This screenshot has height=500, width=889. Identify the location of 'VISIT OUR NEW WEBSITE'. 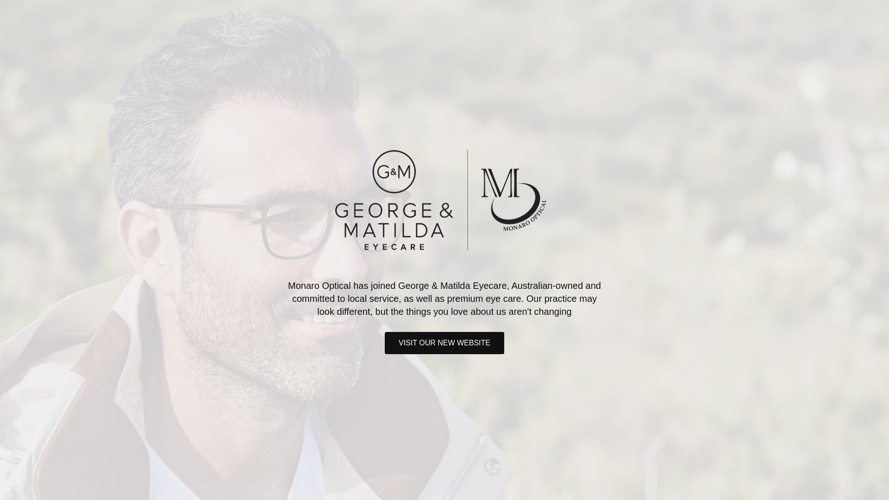
(444, 343).